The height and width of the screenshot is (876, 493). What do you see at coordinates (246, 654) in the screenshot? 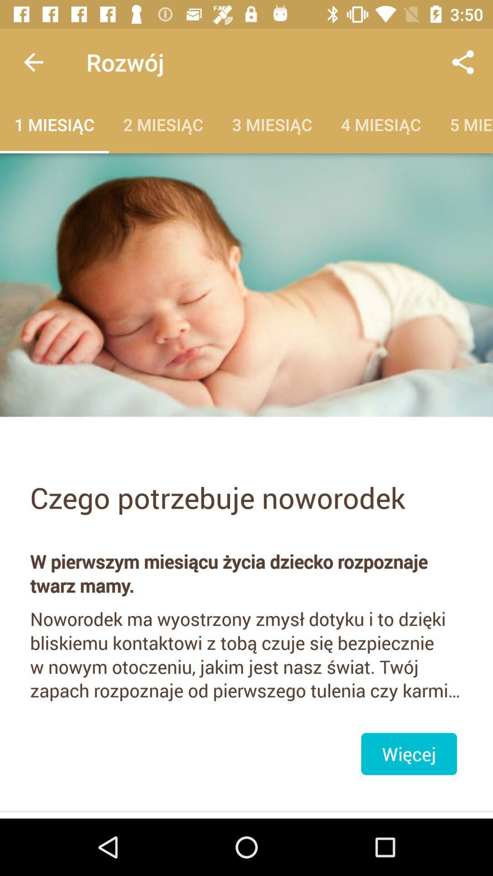
I see `noworodek ma wyostrzony` at bounding box center [246, 654].